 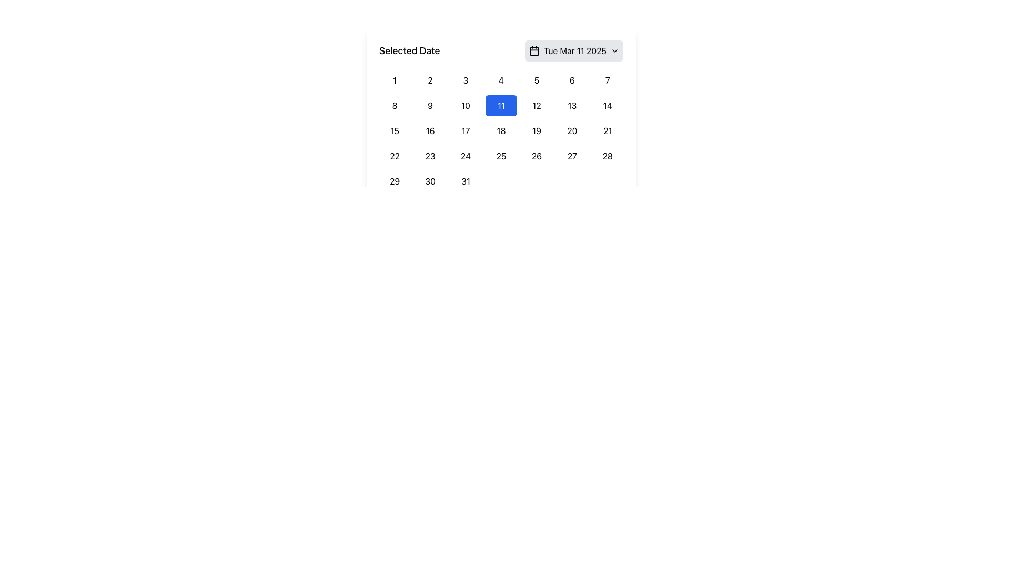 I want to click on the Text Button displaying the number '15', which is a rounded rectangular box with a white background and black text, located in the first column of the fourth row under the 'Selected Date' heading, so click(x=394, y=130).